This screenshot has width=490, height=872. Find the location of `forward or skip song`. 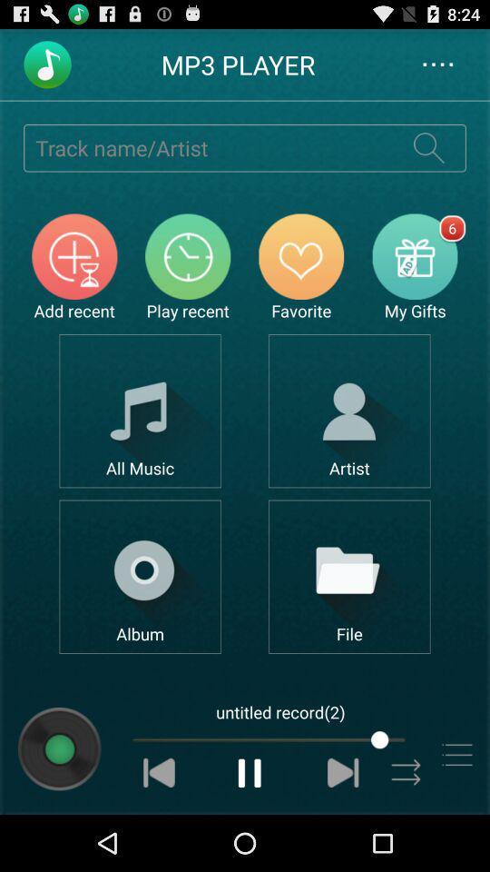

forward or skip song is located at coordinates (343, 771).